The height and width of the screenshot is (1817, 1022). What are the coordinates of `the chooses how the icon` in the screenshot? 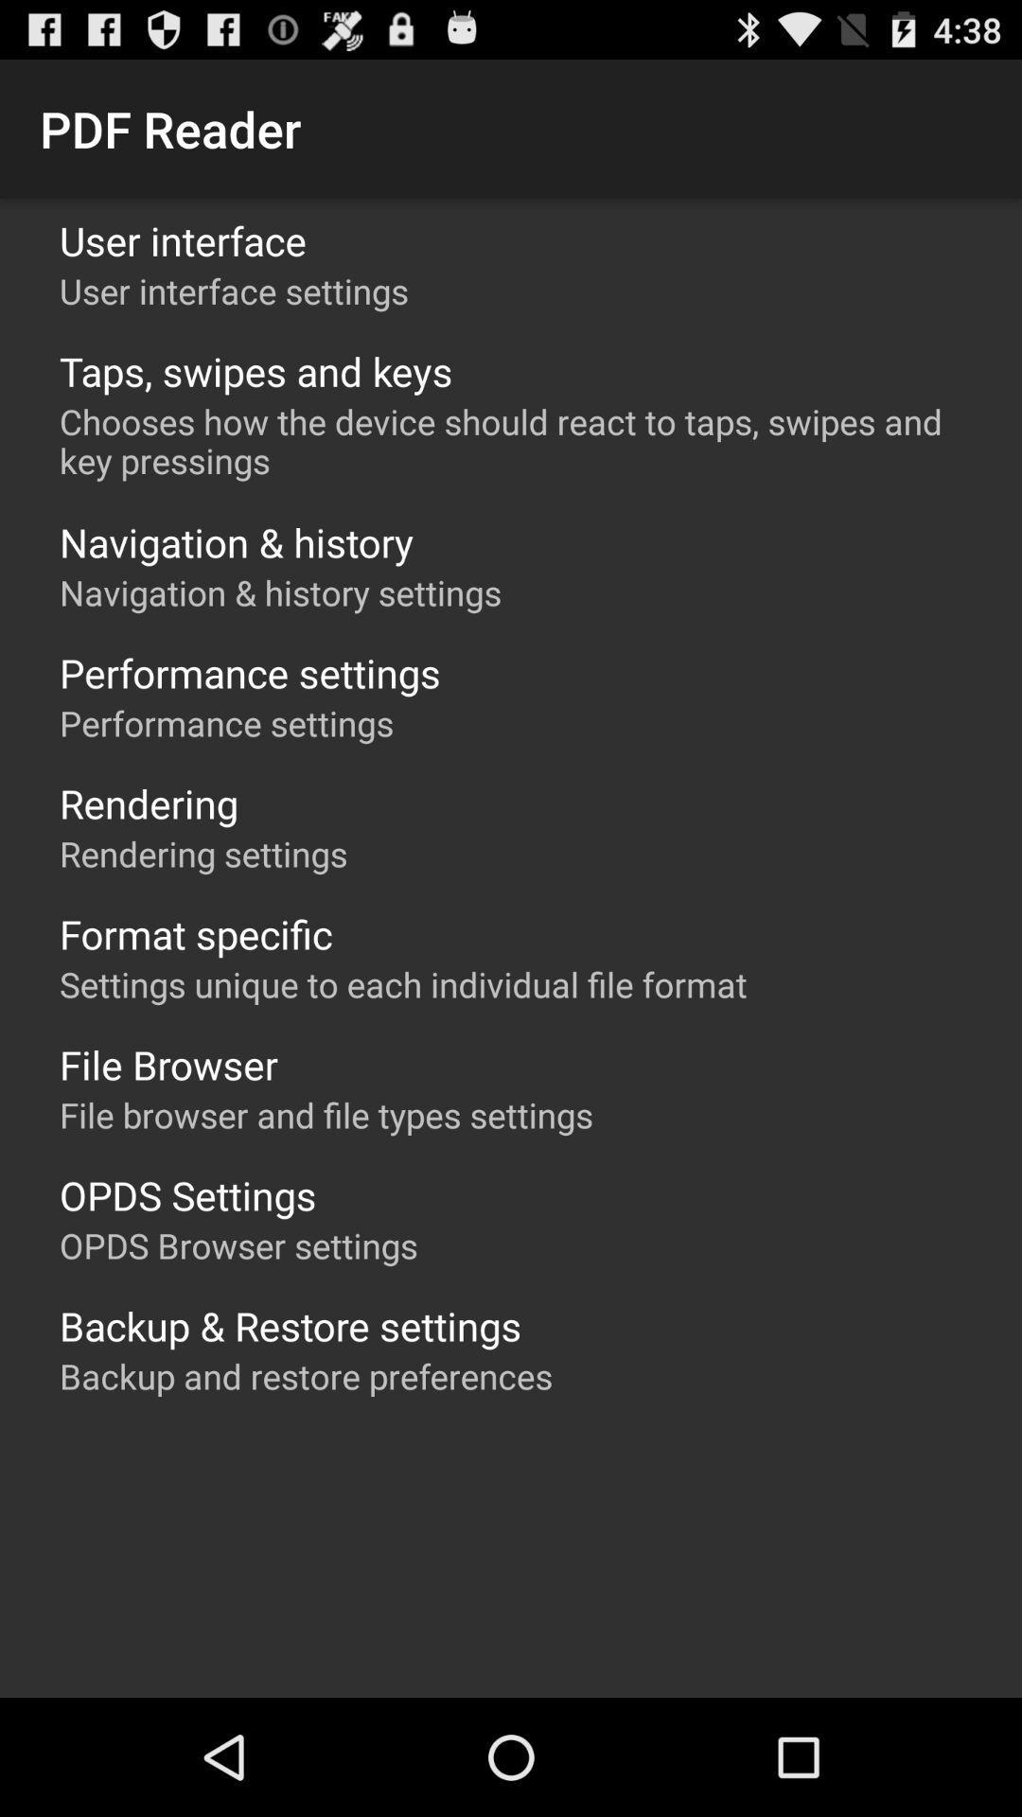 It's located at (520, 440).